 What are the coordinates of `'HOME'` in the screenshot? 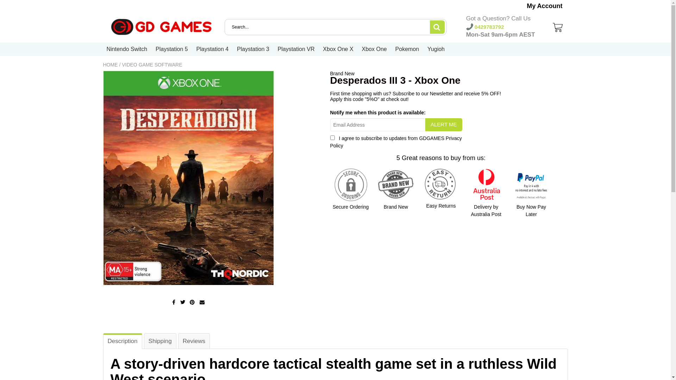 It's located at (109, 65).